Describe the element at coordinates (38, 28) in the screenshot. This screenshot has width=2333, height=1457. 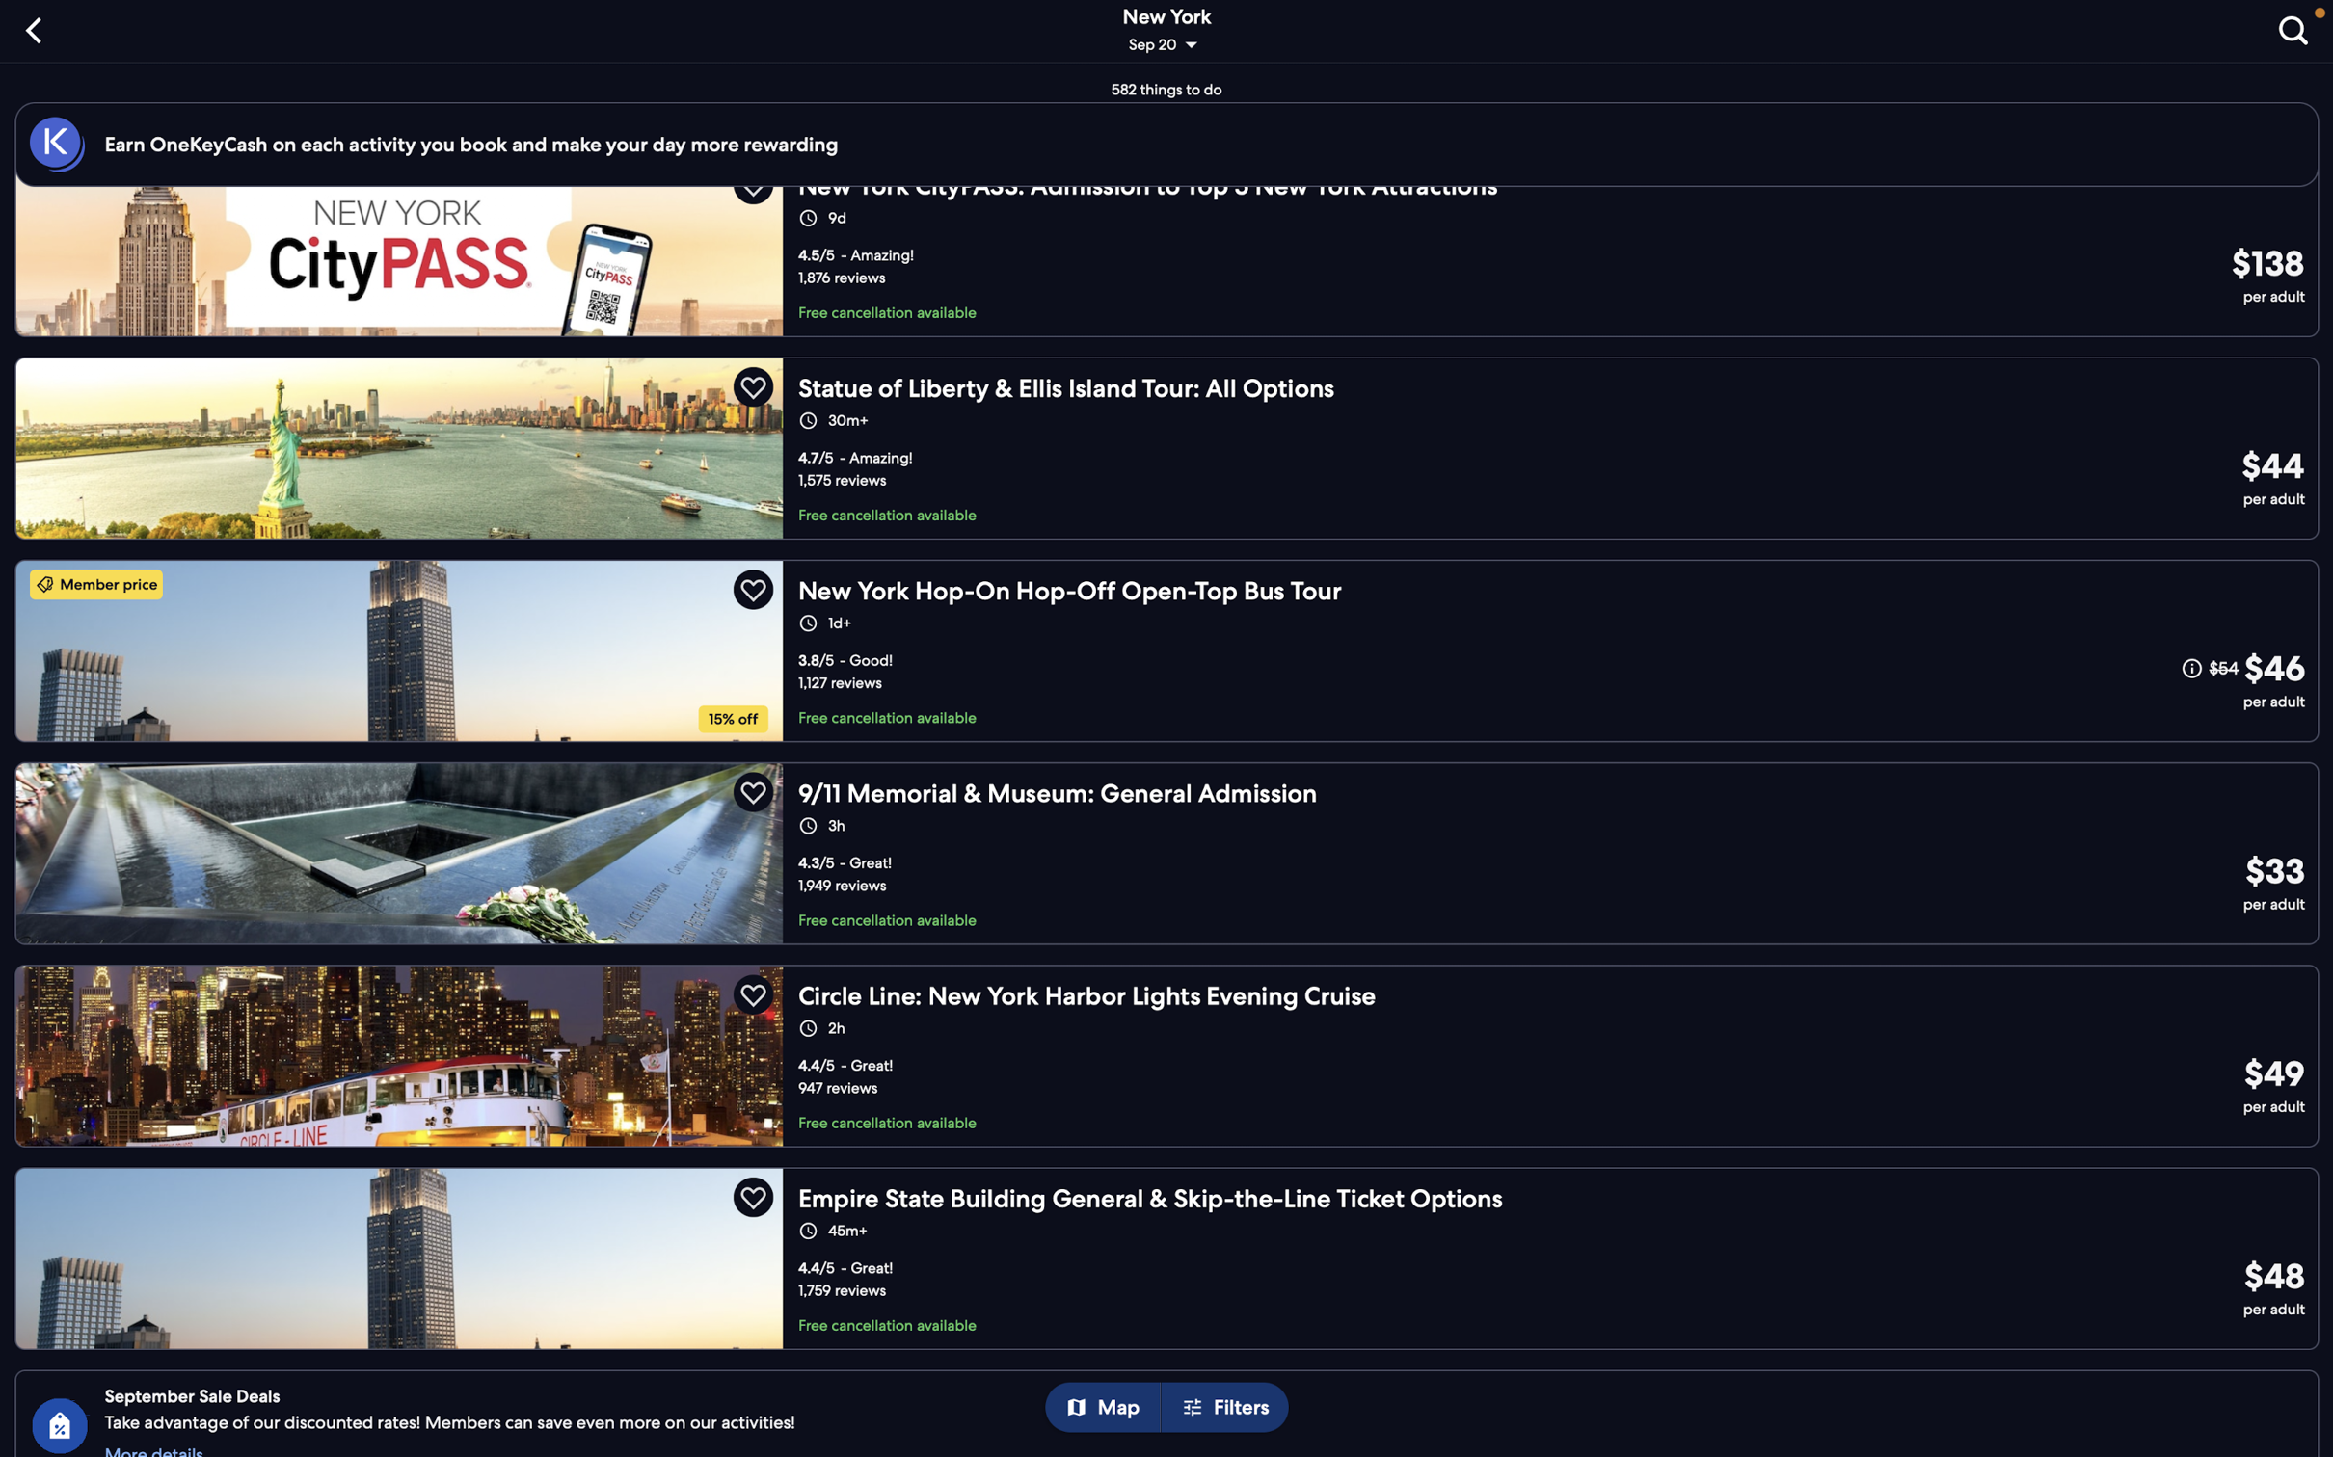
I see `Go to the previous page by selecting the "back" function` at that location.